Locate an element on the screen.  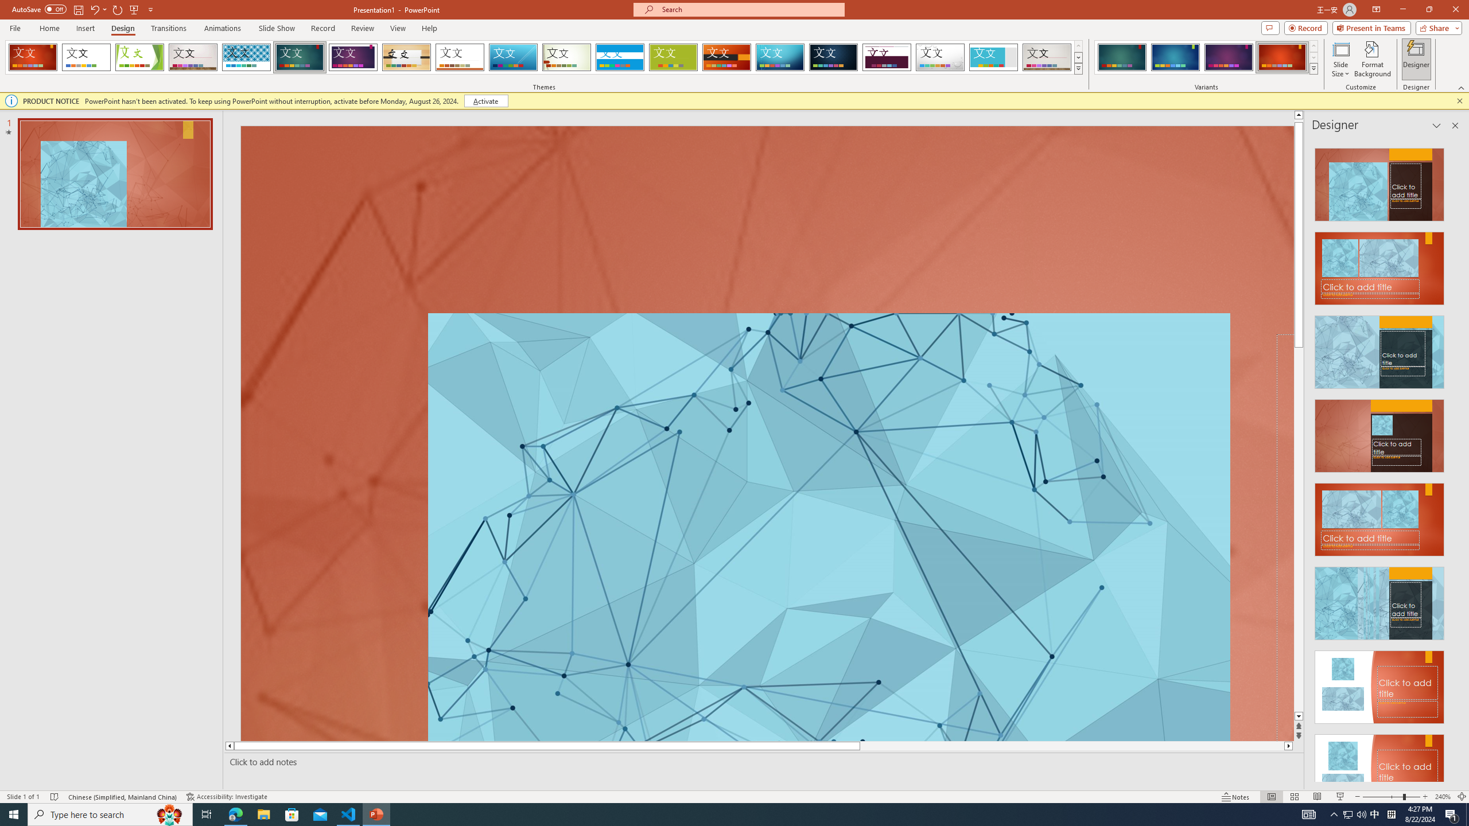
'Damask' is located at coordinates (833, 57).